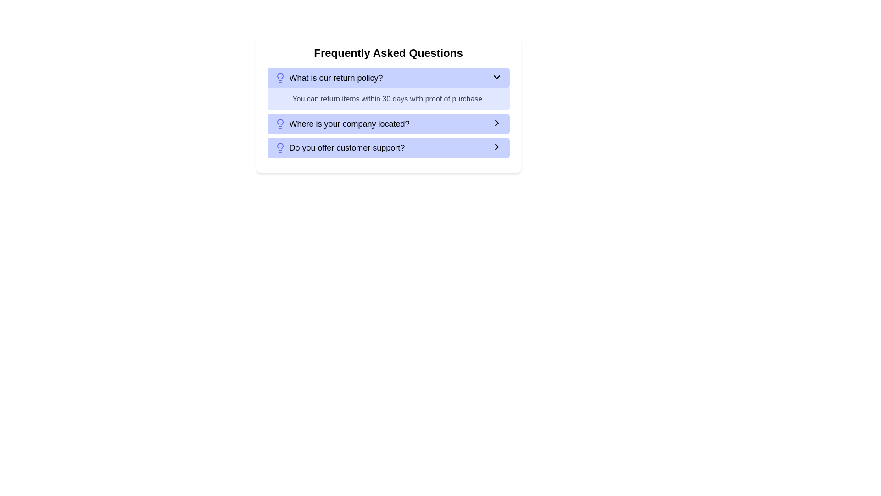  What do you see at coordinates (388, 99) in the screenshot?
I see `the static text element with the informational message 'You can return items within 30 days with proof of purchase.' which is styled with rounded edges and a light indigo background, located below the header 'What is our return policy?'` at bounding box center [388, 99].